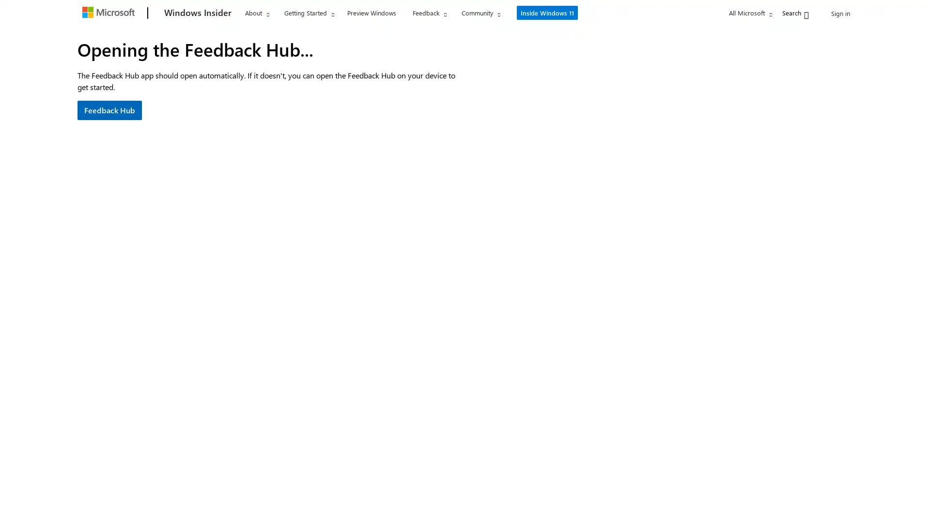  I want to click on All Microsoft expand to see list of Microsoft products and services, so click(728, 13).